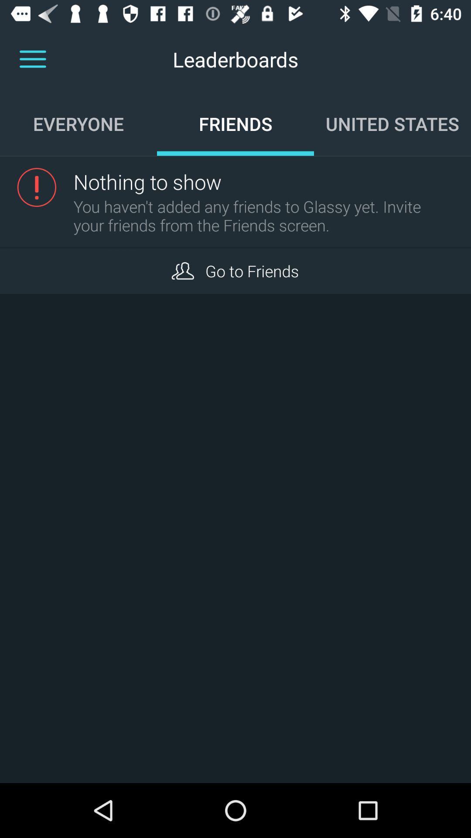 The height and width of the screenshot is (838, 471). Describe the element at coordinates (182, 270) in the screenshot. I see `contact` at that location.